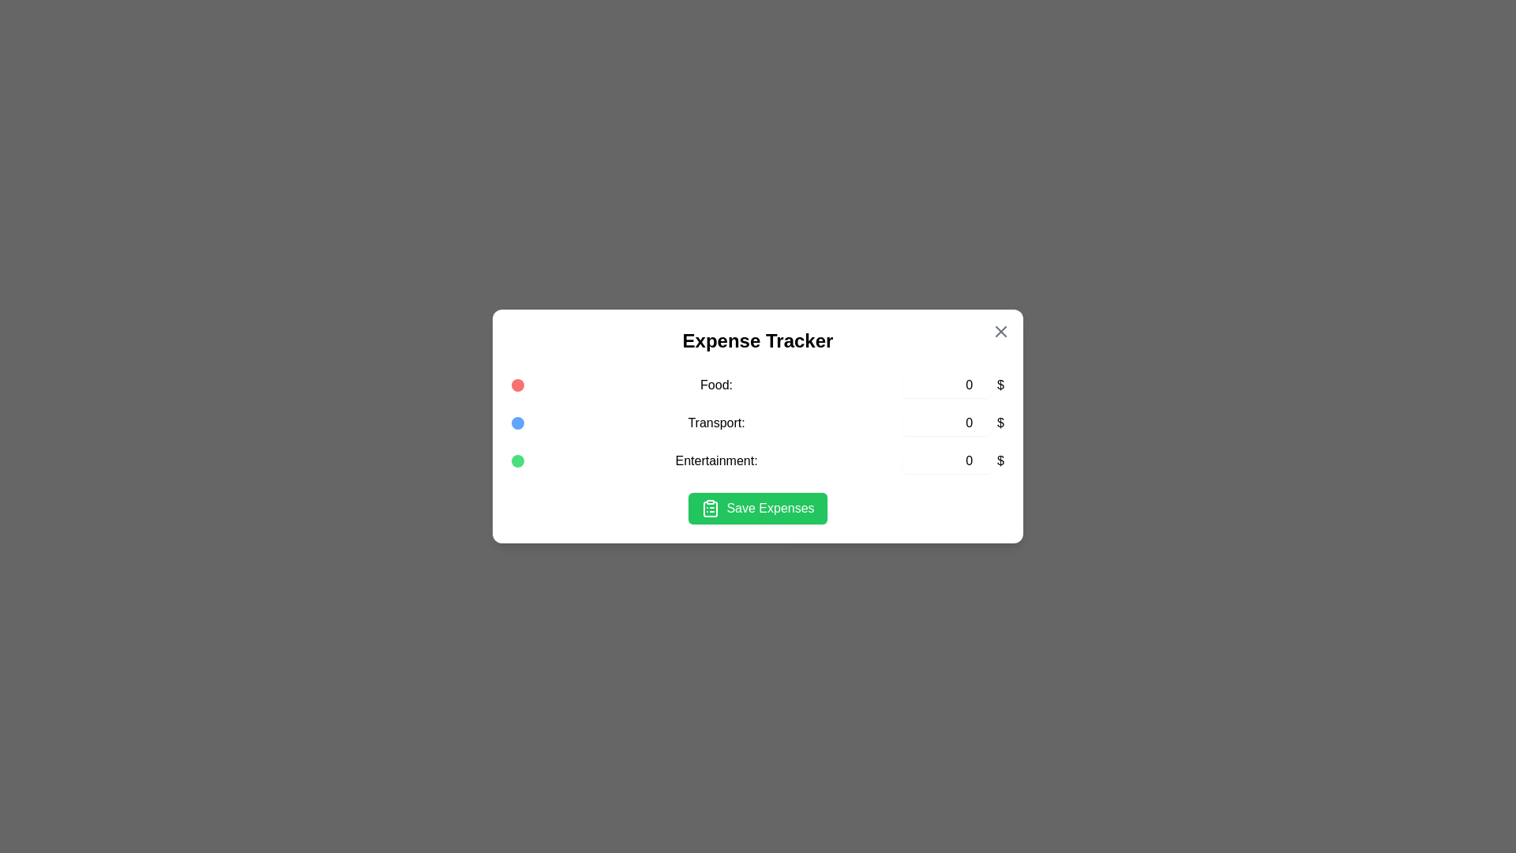 Image resolution: width=1516 pixels, height=853 pixels. I want to click on the expense amount for the 'Food' category to 5332, so click(947, 385).